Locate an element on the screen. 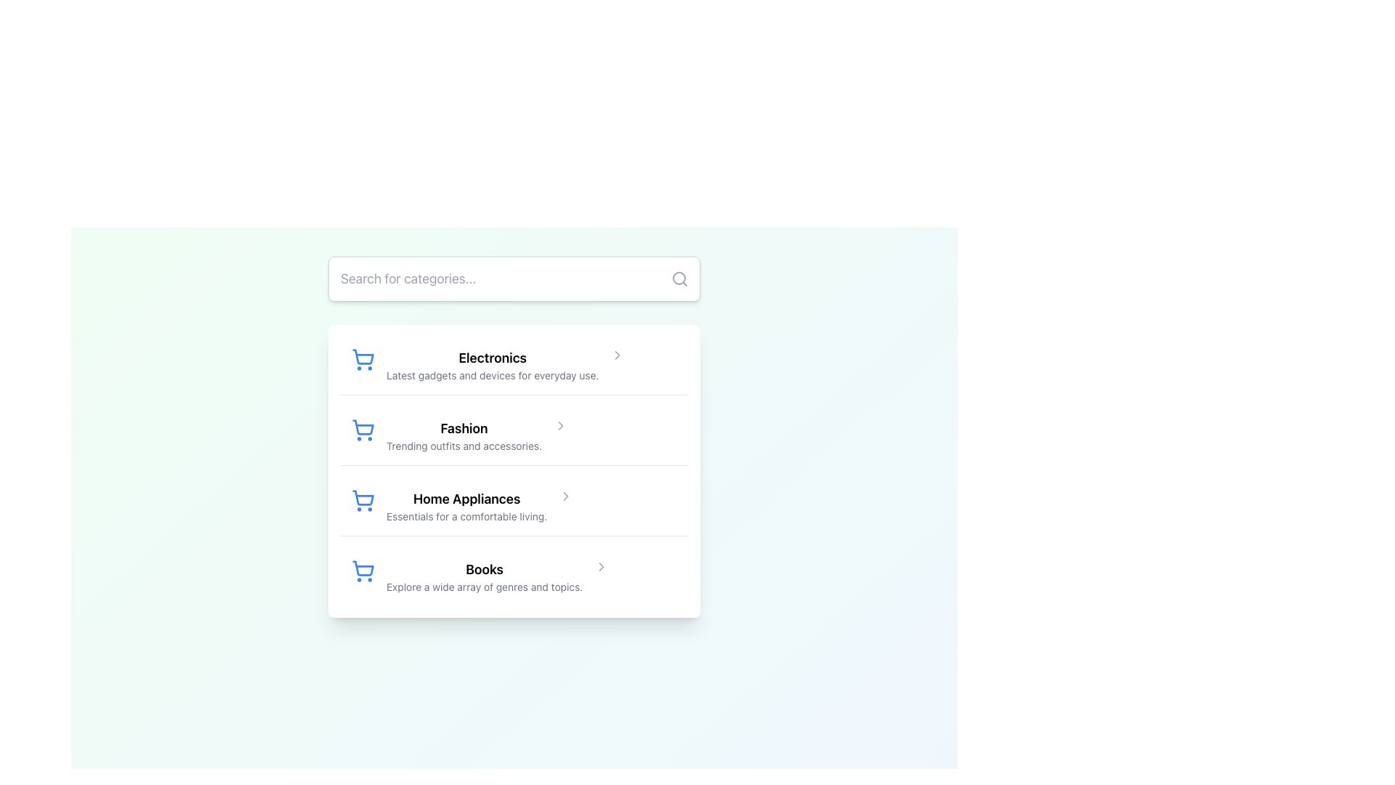 The height and width of the screenshot is (785, 1395). the rightward arrow glyph icon in the navigation control adjacent to the 'Electronics' list item is located at coordinates (618, 355).